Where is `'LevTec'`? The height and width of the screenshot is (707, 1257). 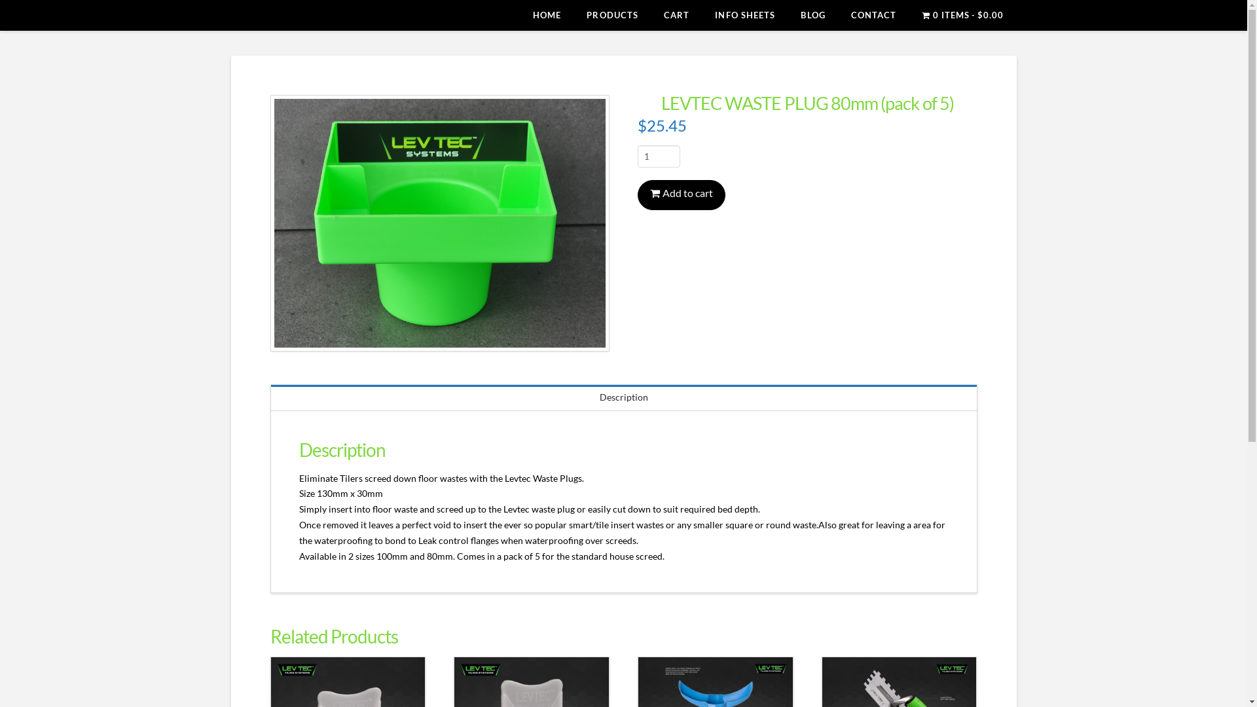 'LevTec' is located at coordinates (230, 17).